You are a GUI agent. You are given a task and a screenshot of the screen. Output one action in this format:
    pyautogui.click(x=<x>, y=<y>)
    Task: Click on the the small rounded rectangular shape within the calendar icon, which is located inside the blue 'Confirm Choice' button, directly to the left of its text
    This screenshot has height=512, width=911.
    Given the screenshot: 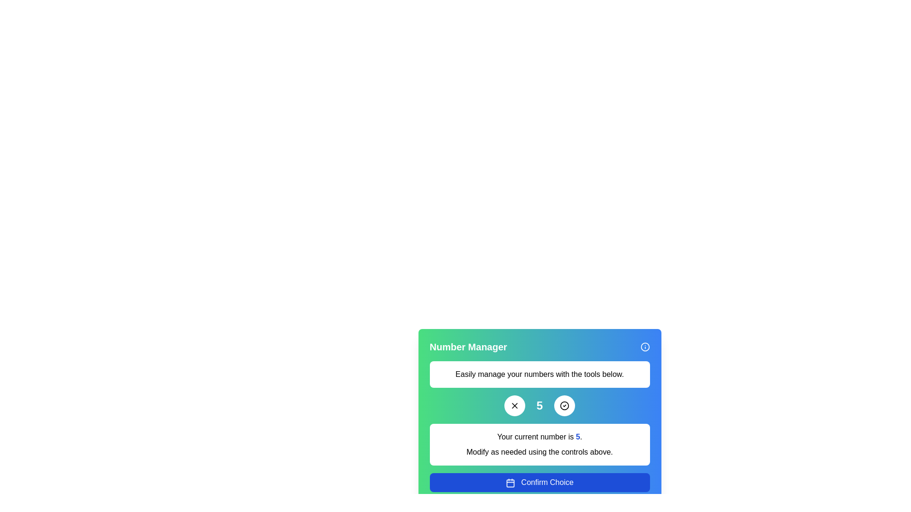 What is the action you would take?
    pyautogui.click(x=510, y=483)
    